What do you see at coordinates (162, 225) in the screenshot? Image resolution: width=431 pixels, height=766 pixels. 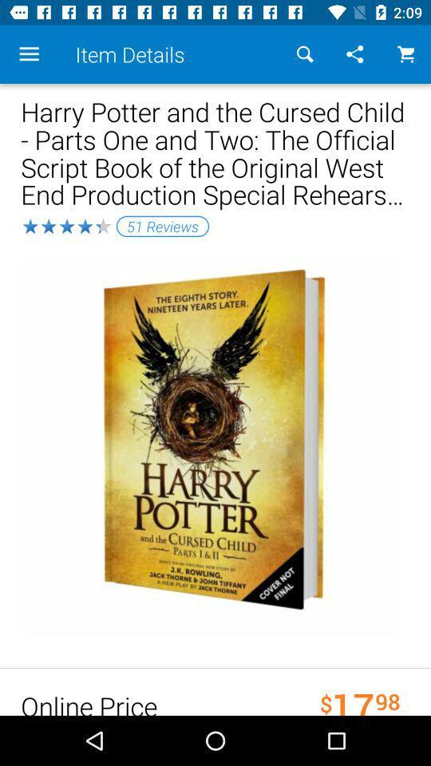 I see `the 51 reviews item` at bounding box center [162, 225].